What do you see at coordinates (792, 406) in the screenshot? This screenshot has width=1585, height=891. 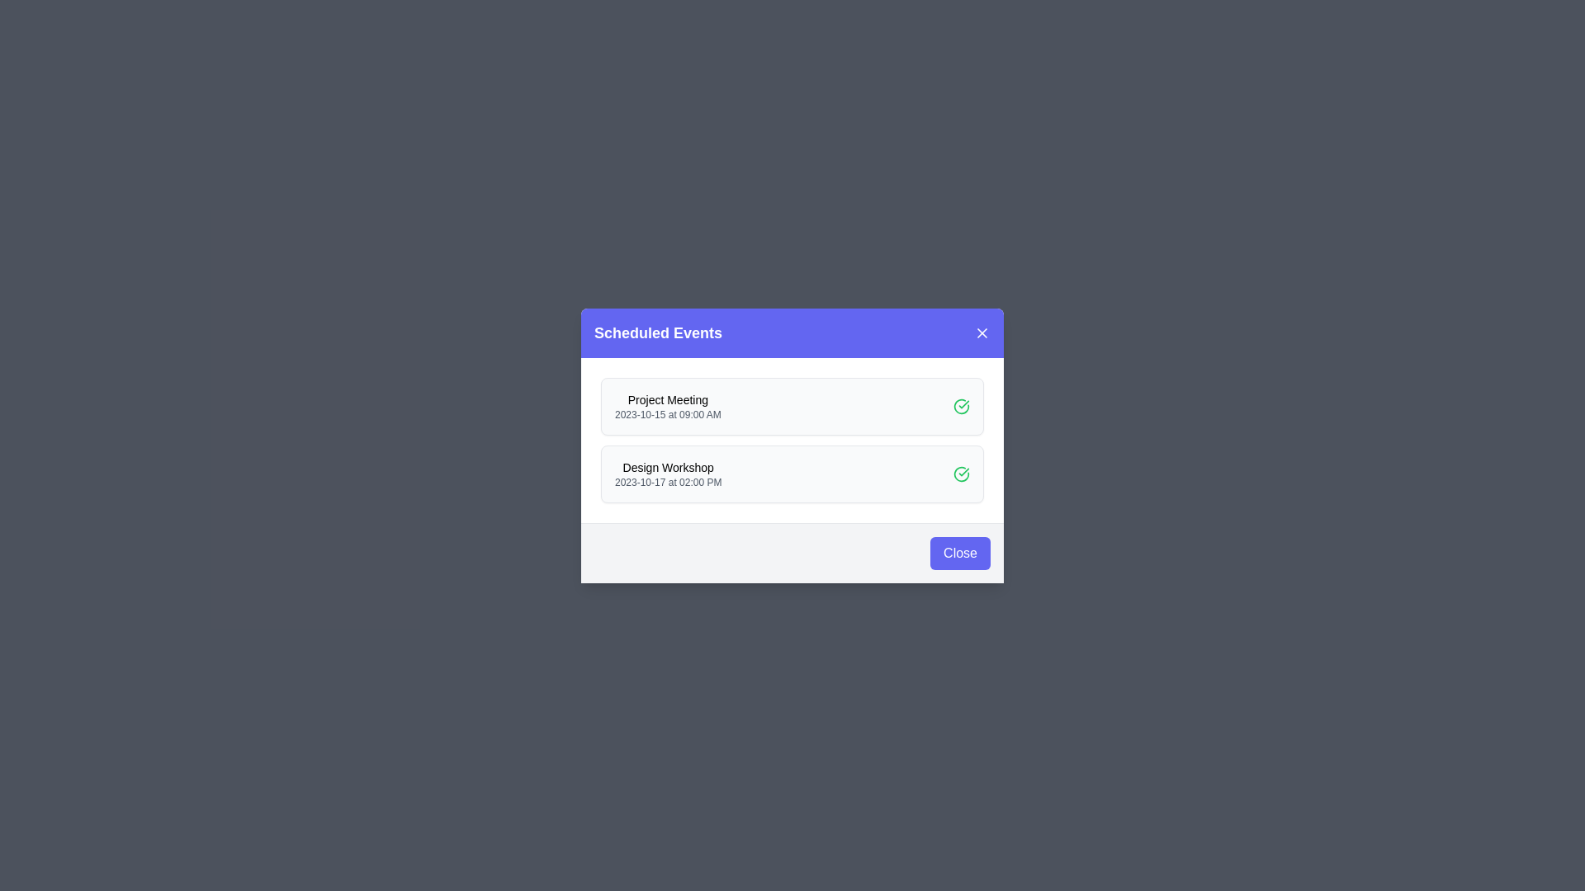 I see `the first list item displaying the event's title, date, and time` at bounding box center [792, 406].